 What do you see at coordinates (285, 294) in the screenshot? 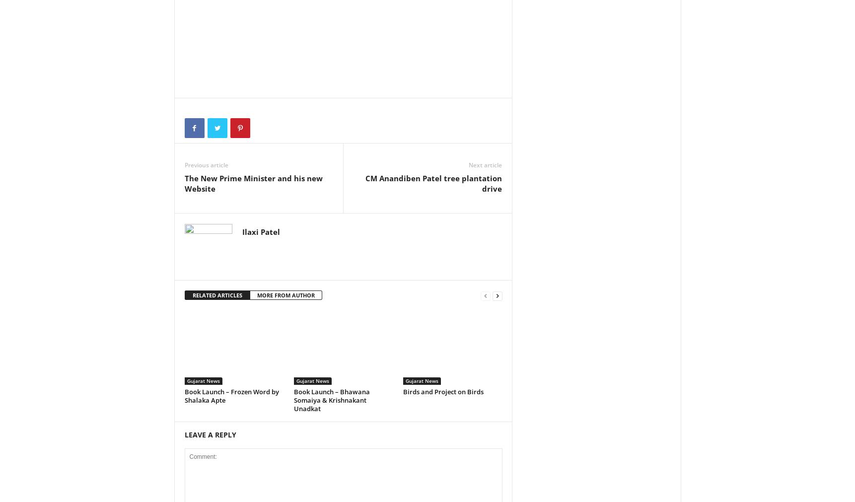
I see `'MORE FROM AUTHOR'` at bounding box center [285, 294].